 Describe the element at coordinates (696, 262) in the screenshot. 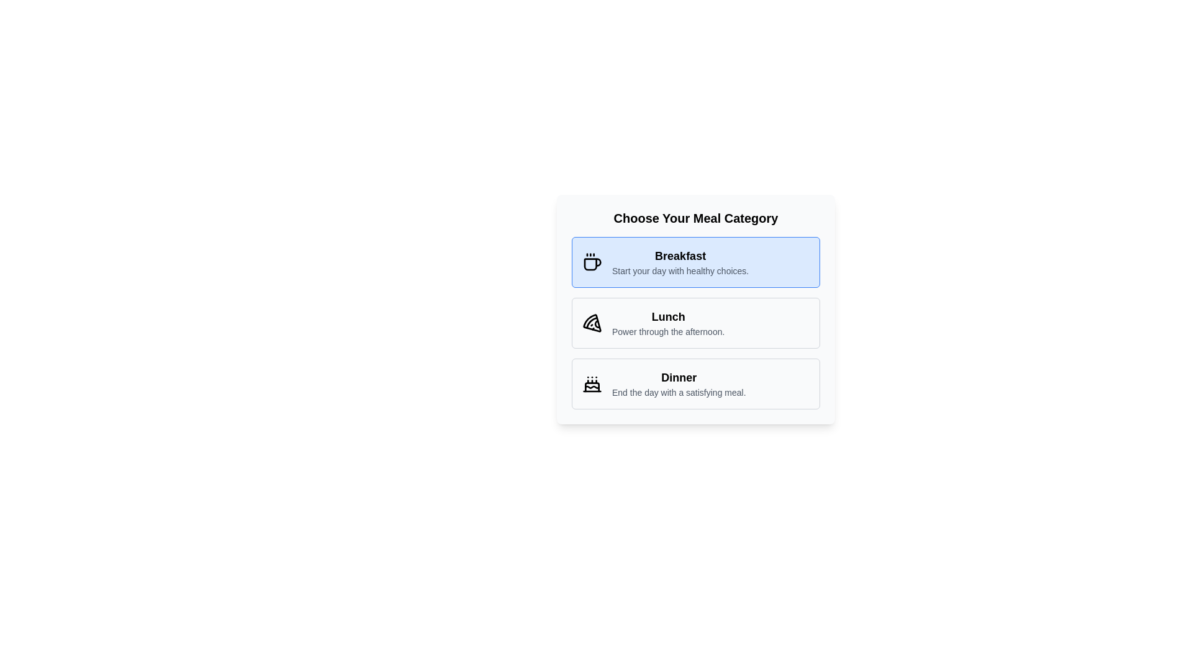

I see `the 'Breakfast' selectable button or card, which is located at the top of the meal categories list, directly above the 'Lunch' module` at that location.